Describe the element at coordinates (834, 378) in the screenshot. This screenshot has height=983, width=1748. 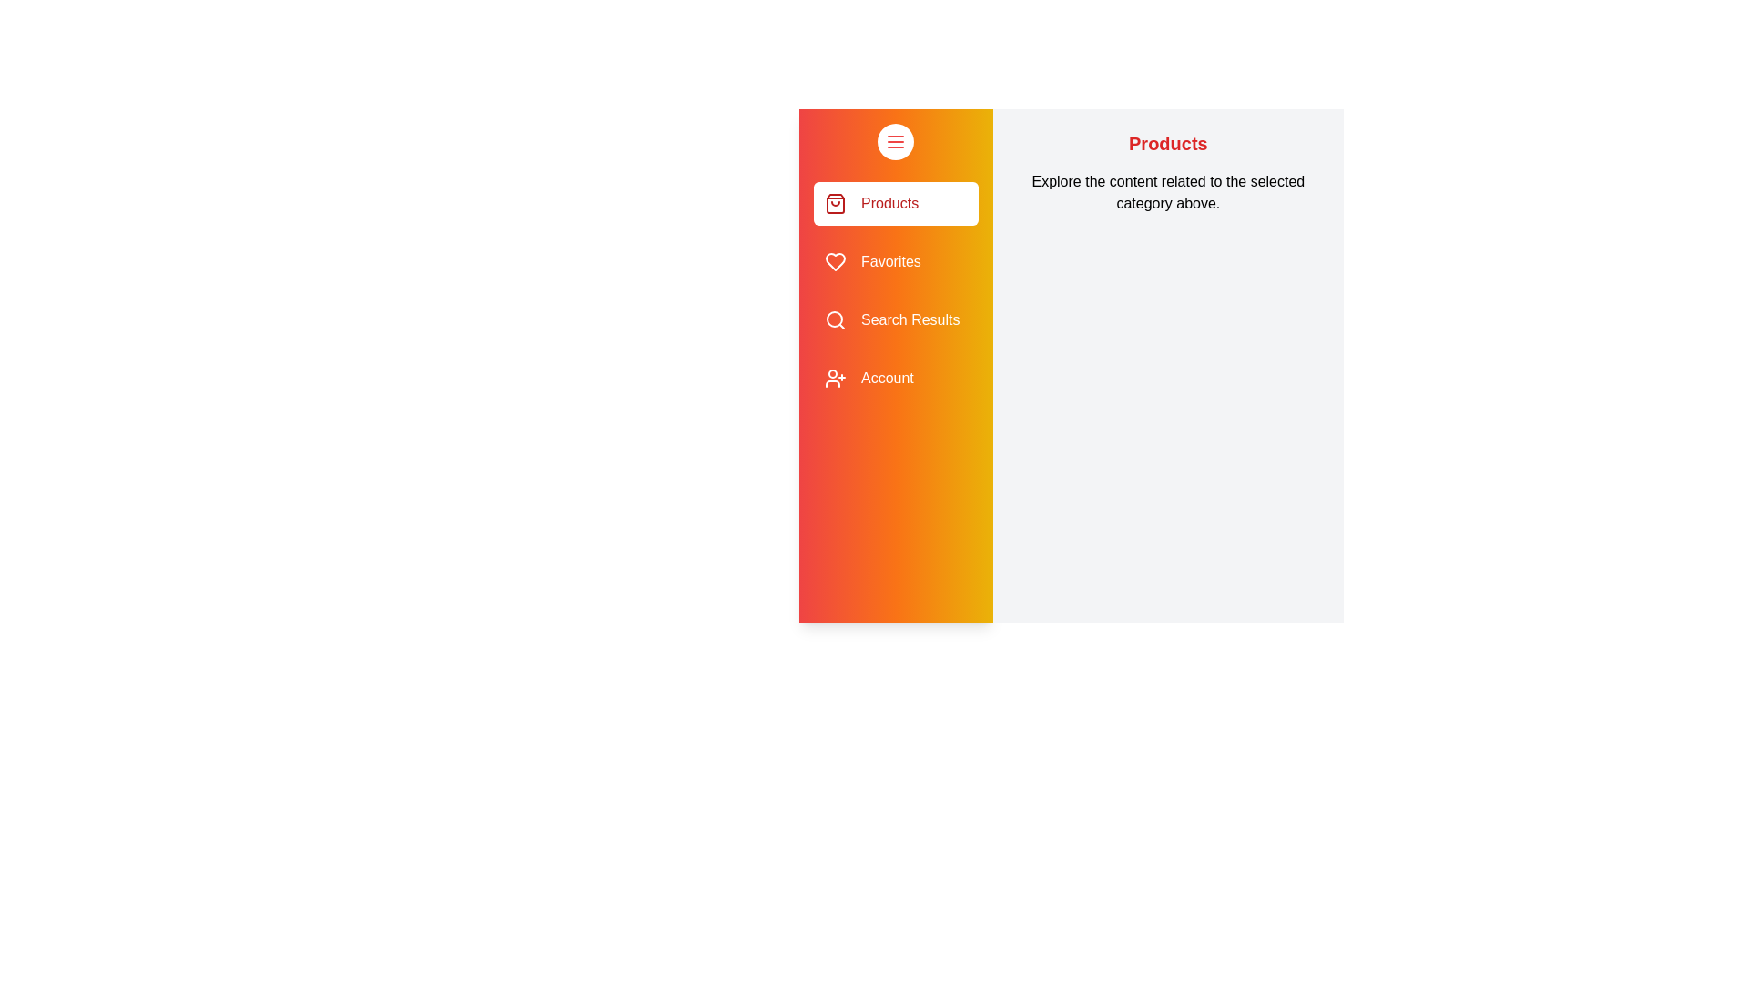
I see `the sidebar icon for Account to navigate to the corresponding section` at that location.